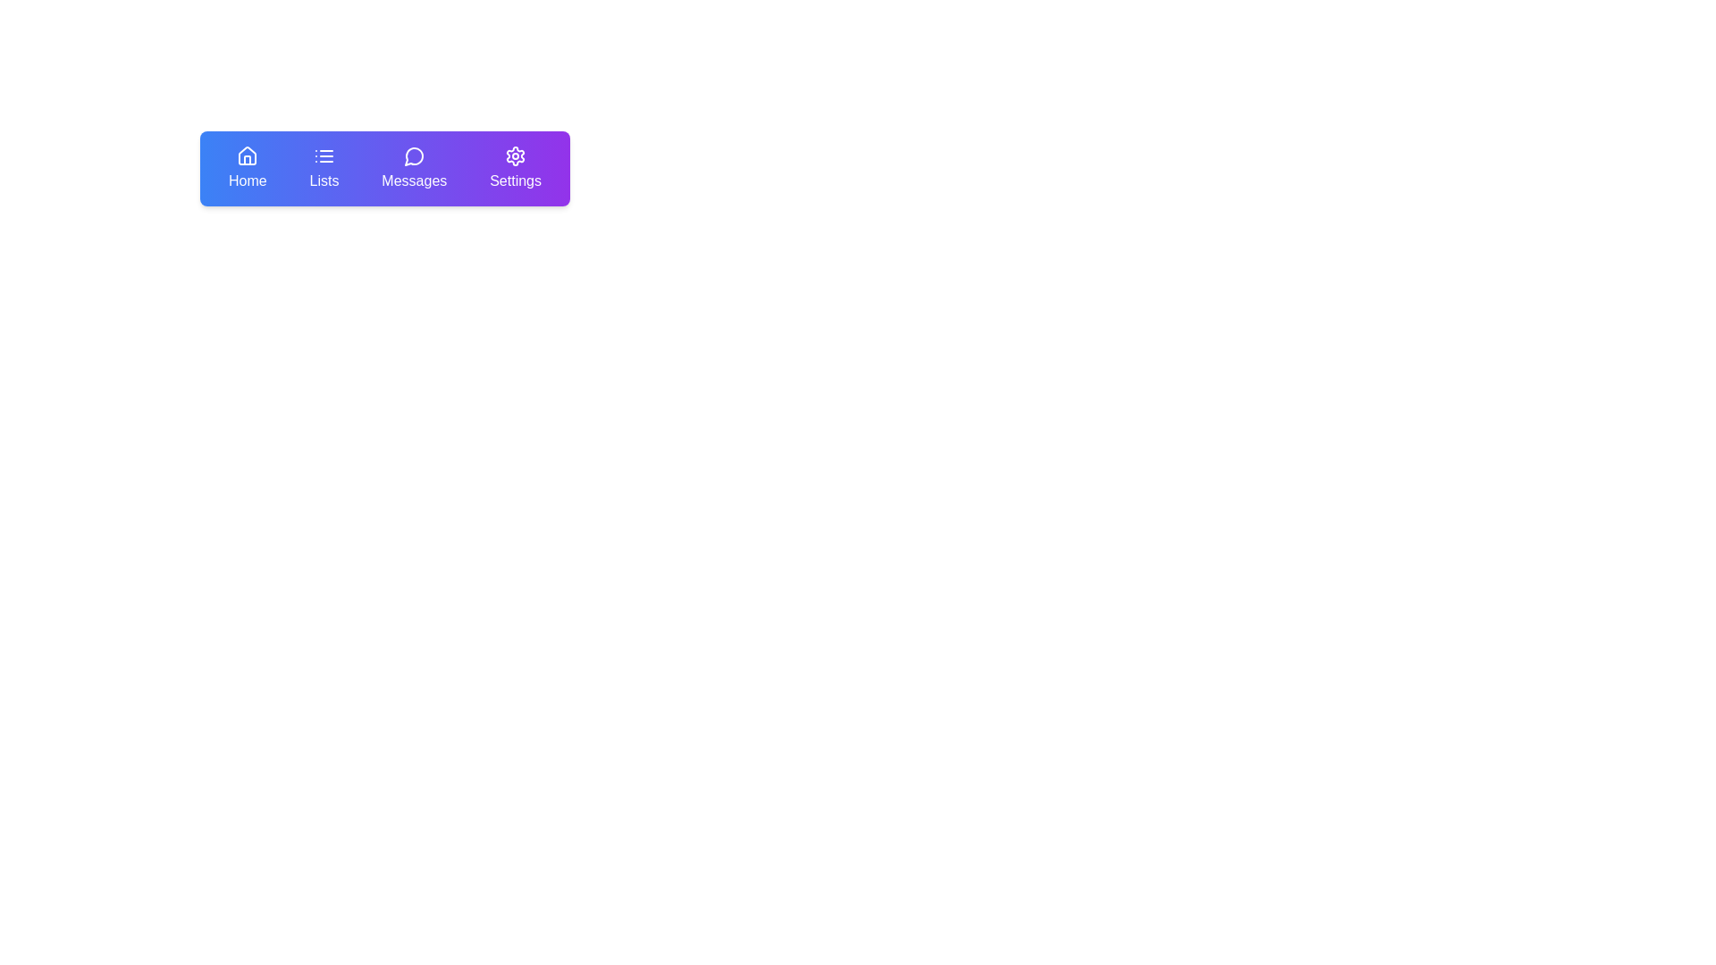 The width and height of the screenshot is (1716, 965). What do you see at coordinates (247, 159) in the screenshot?
I see `the 'Home' icon in the top-left navigation bar` at bounding box center [247, 159].